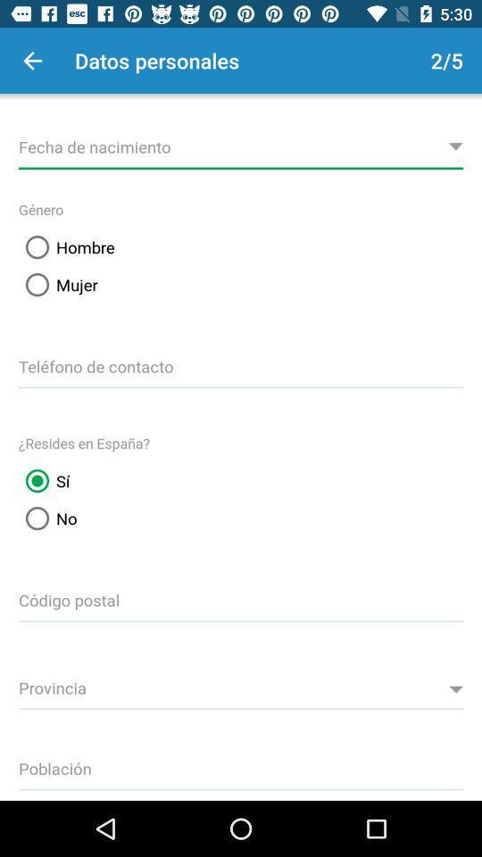 This screenshot has width=482, height=857. Describe the element at coordinates (241, 597) in the screenshot. I see `input postal code` at that location.